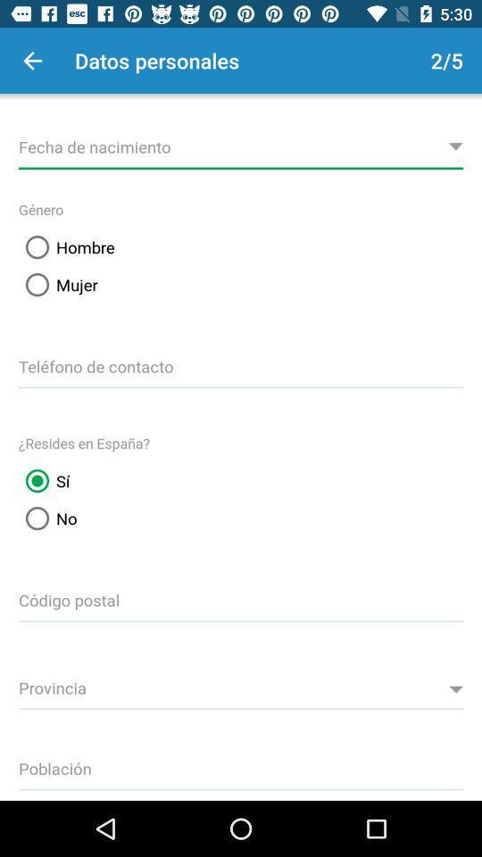 This screenshot has width=482, height=857. Describe the element at coordinates (241, 597) in the screenshot. I see `input postal code` at that location.